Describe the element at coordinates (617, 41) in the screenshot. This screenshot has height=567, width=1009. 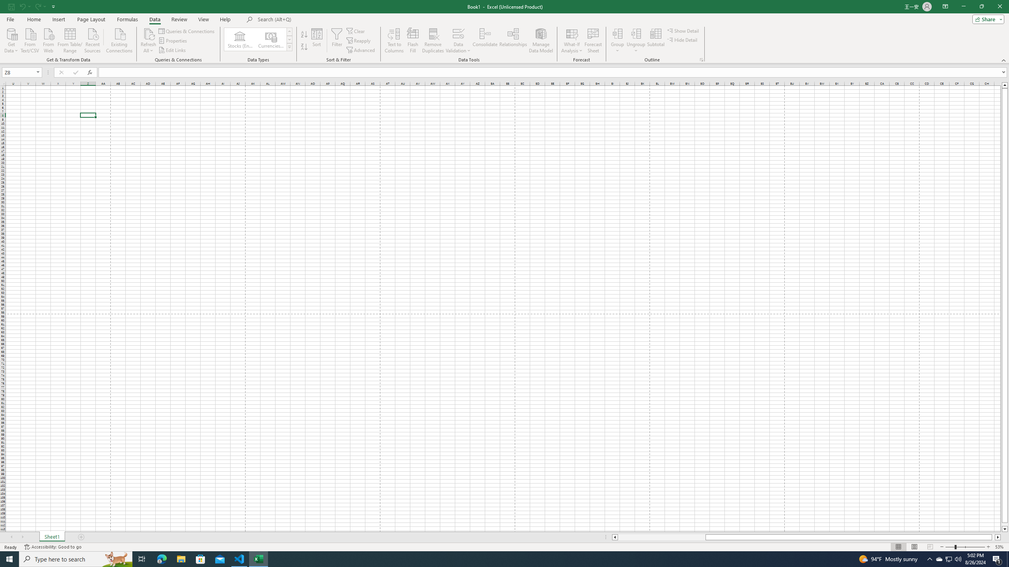
I see `'Group...'` at that location.